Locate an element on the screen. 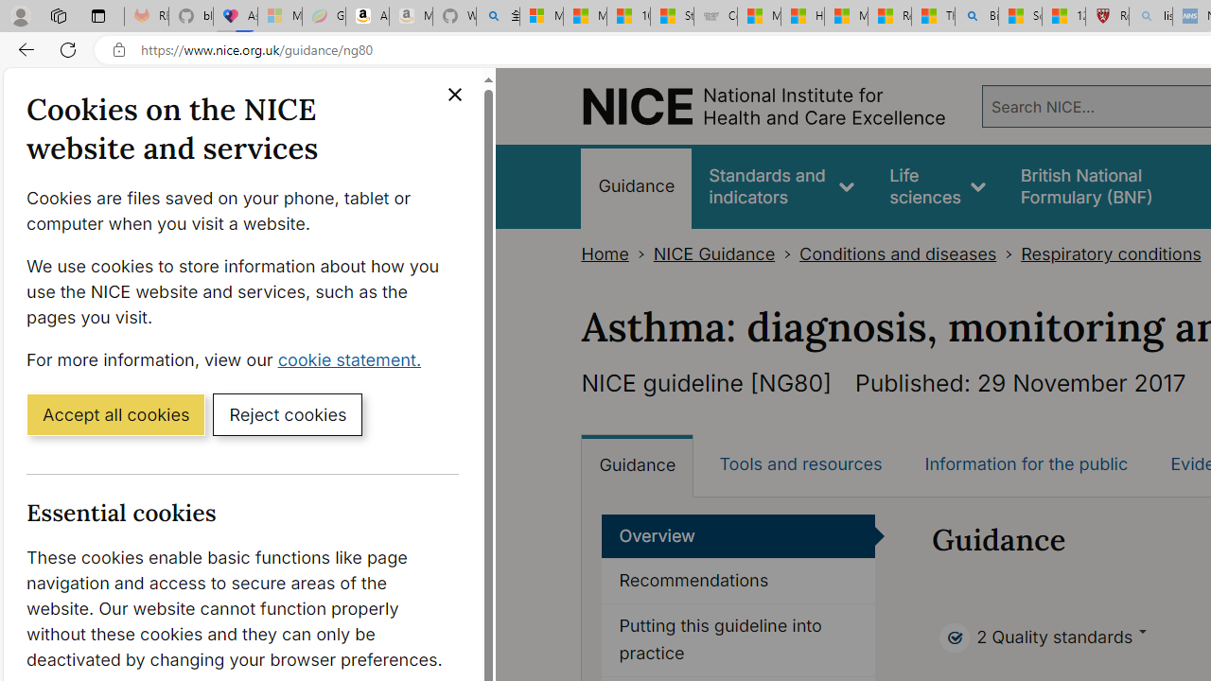 This screenshot has height=681, width=1211. 'Conditions and diseases>' is located at coordinates (910, 253).